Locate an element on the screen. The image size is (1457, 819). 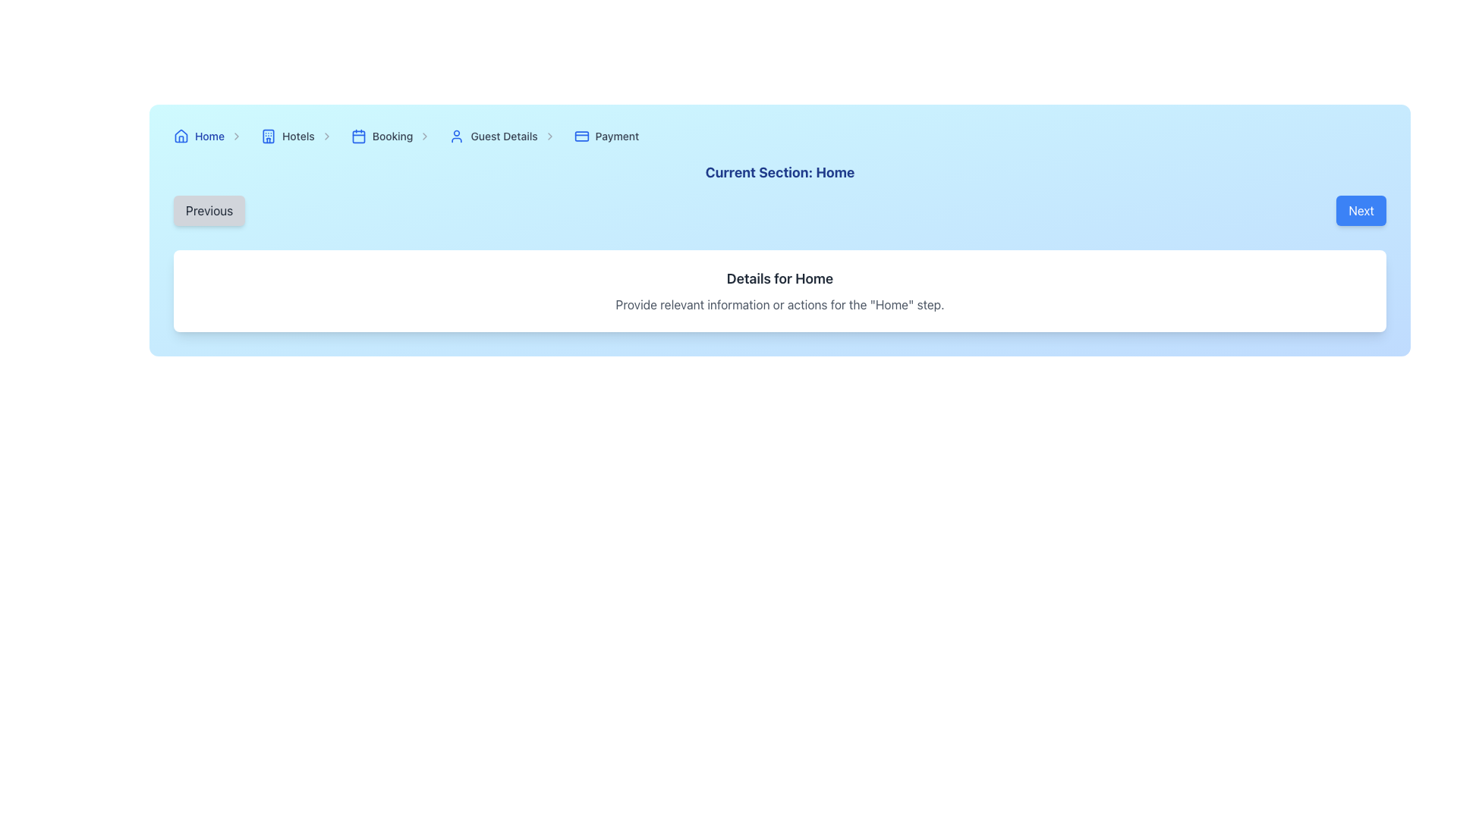
the first navigation link, which serves as a redirect to the home page of the application or website is located at coordinates (210, 136).